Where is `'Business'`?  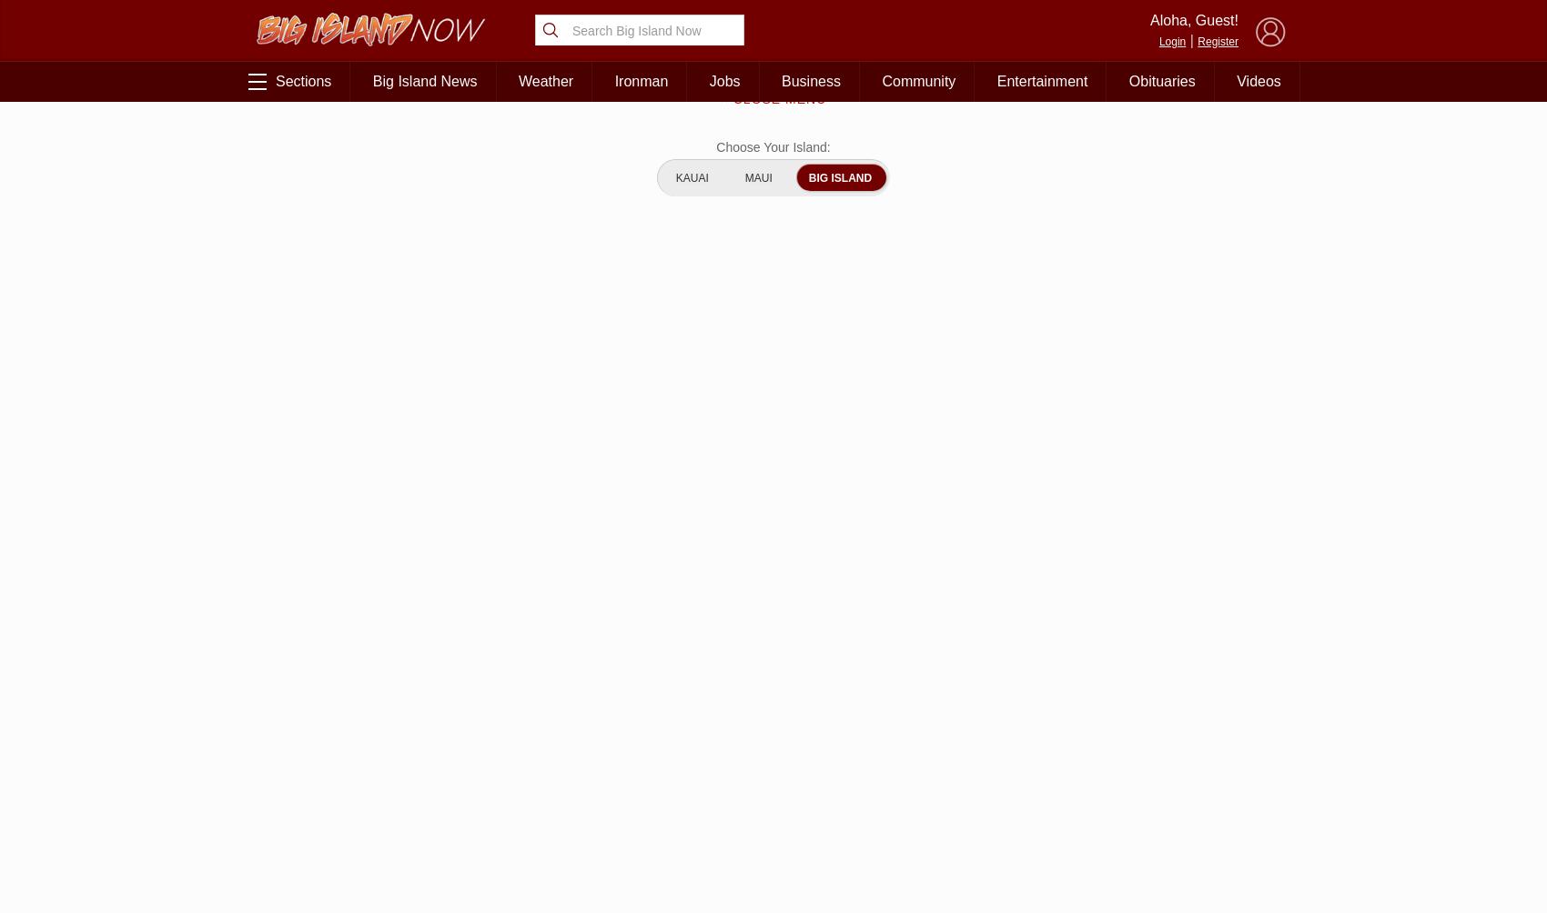 'Business' is located at coordinates (810, 81).